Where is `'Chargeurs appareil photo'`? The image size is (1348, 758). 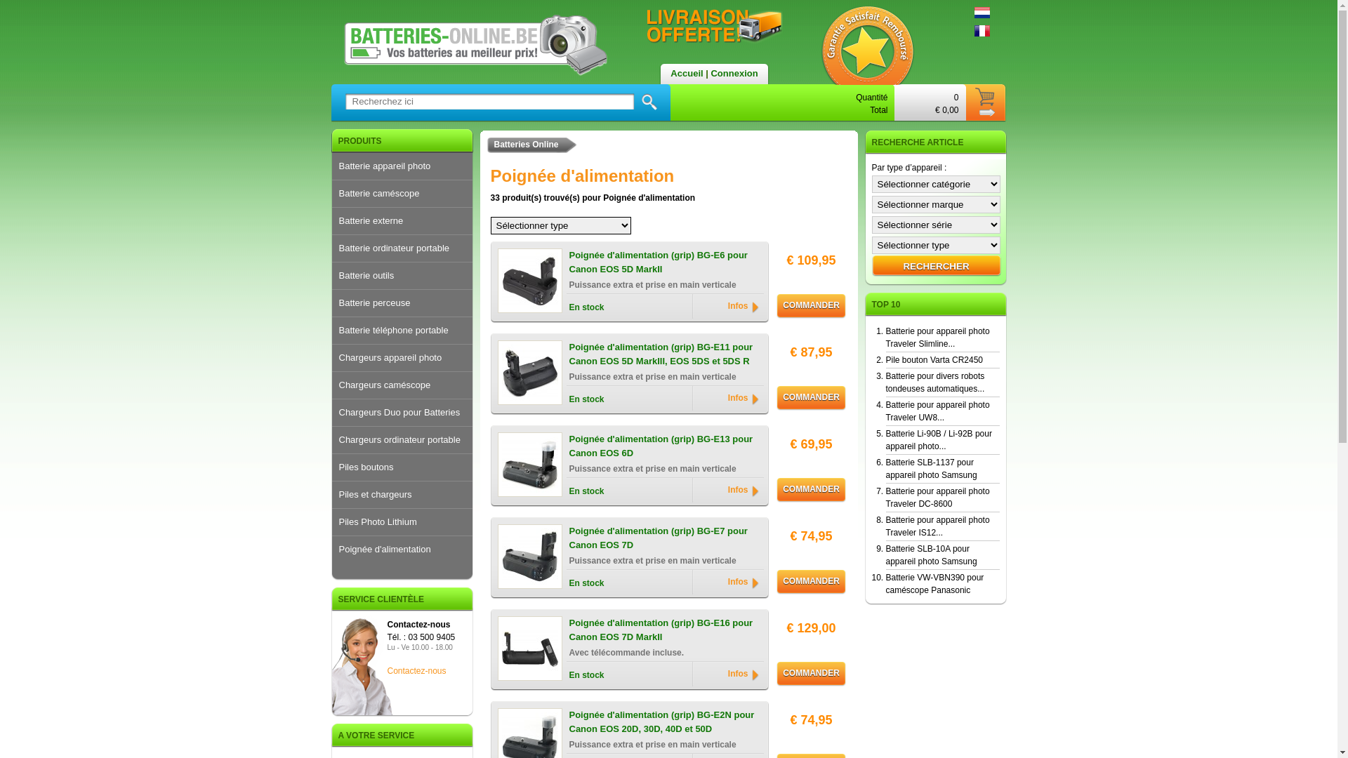 'Chargeurs appareil photo' is located at coordinates (400, 357).